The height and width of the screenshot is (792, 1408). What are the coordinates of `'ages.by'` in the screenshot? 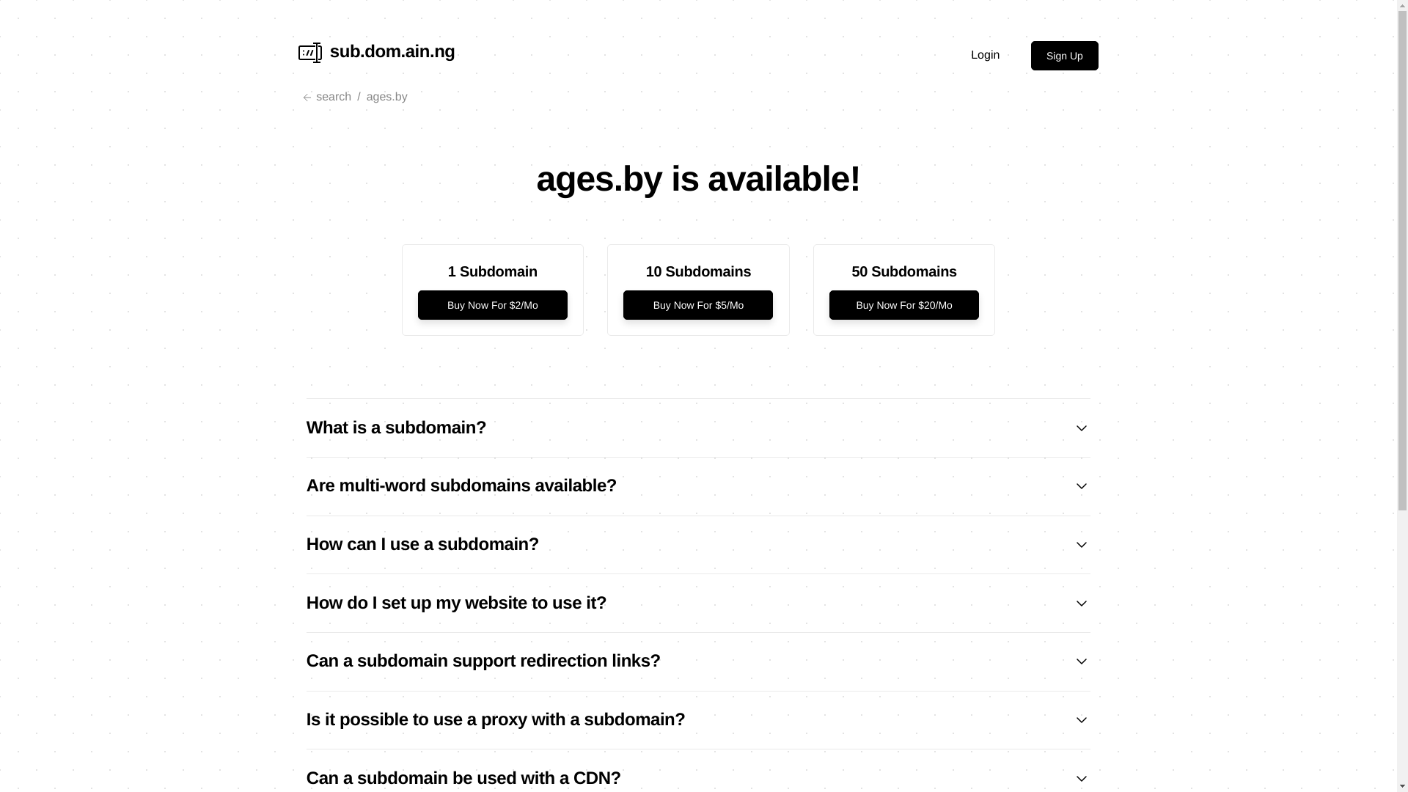 It's located at (387, 97).